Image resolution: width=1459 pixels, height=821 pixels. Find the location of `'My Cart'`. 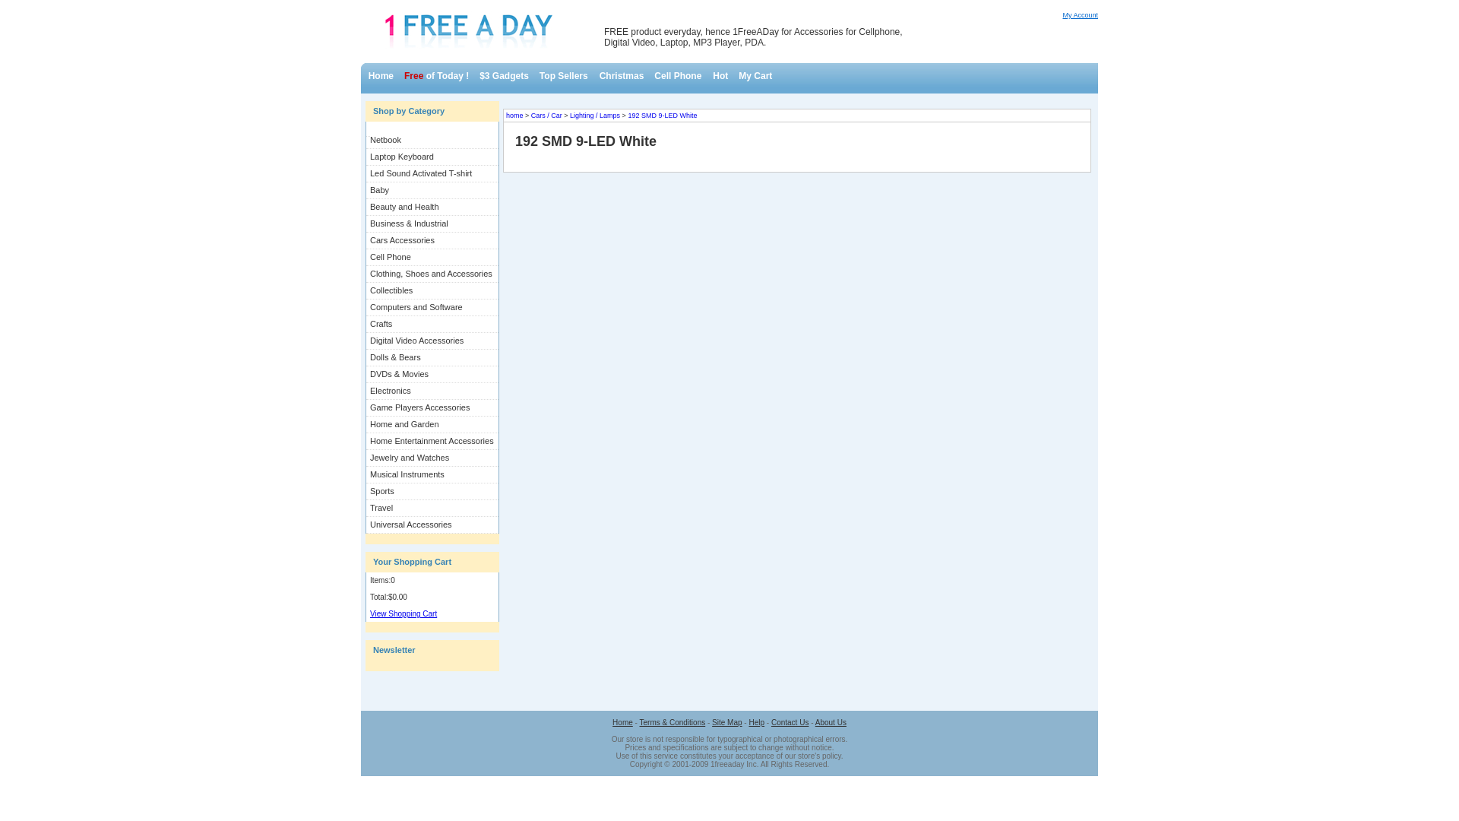

'My Cart' is located at coordinates (755, 76).